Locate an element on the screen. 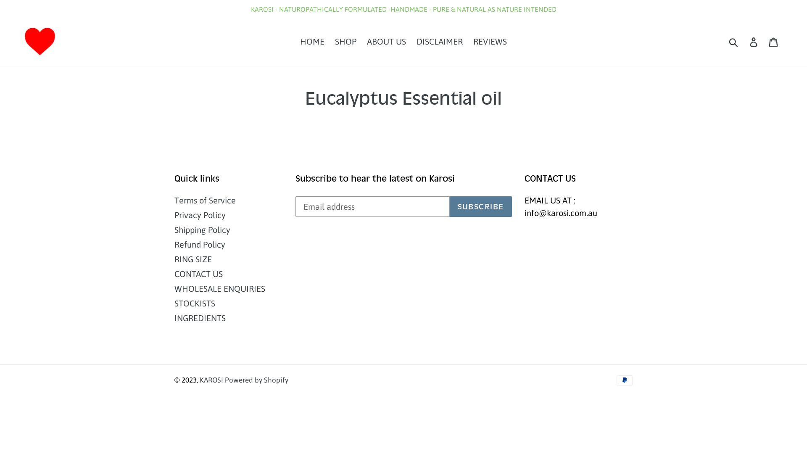 The width and height of the screenshot is (807, 454). 'Shipping Policy' is located at coordinates (202, 230).